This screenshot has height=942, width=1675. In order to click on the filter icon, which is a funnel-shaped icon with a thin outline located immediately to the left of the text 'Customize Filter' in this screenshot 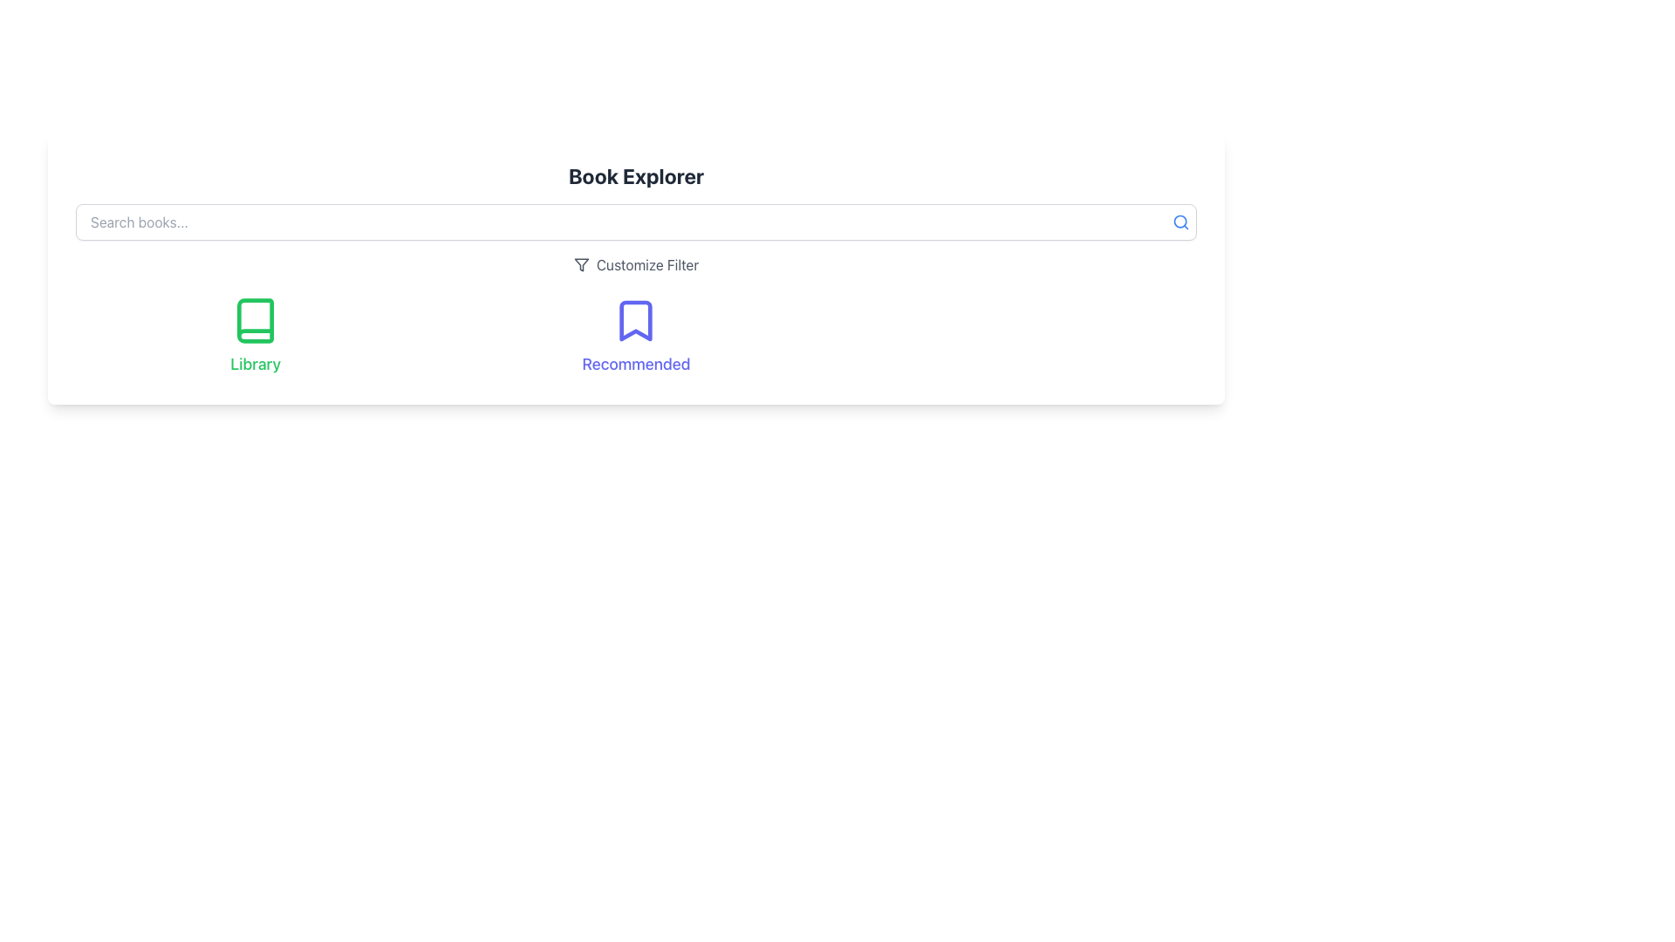, I will do `click(581, 265)`.